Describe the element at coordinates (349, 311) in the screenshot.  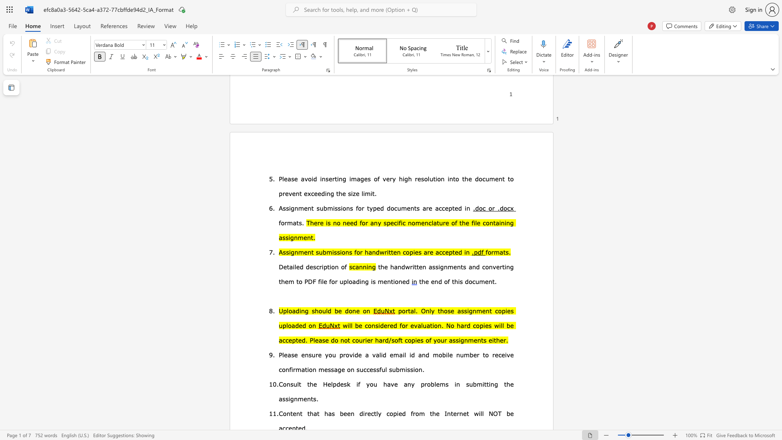
I see `the subset text "one on" within the text "Uploading should be done on"` at that location.